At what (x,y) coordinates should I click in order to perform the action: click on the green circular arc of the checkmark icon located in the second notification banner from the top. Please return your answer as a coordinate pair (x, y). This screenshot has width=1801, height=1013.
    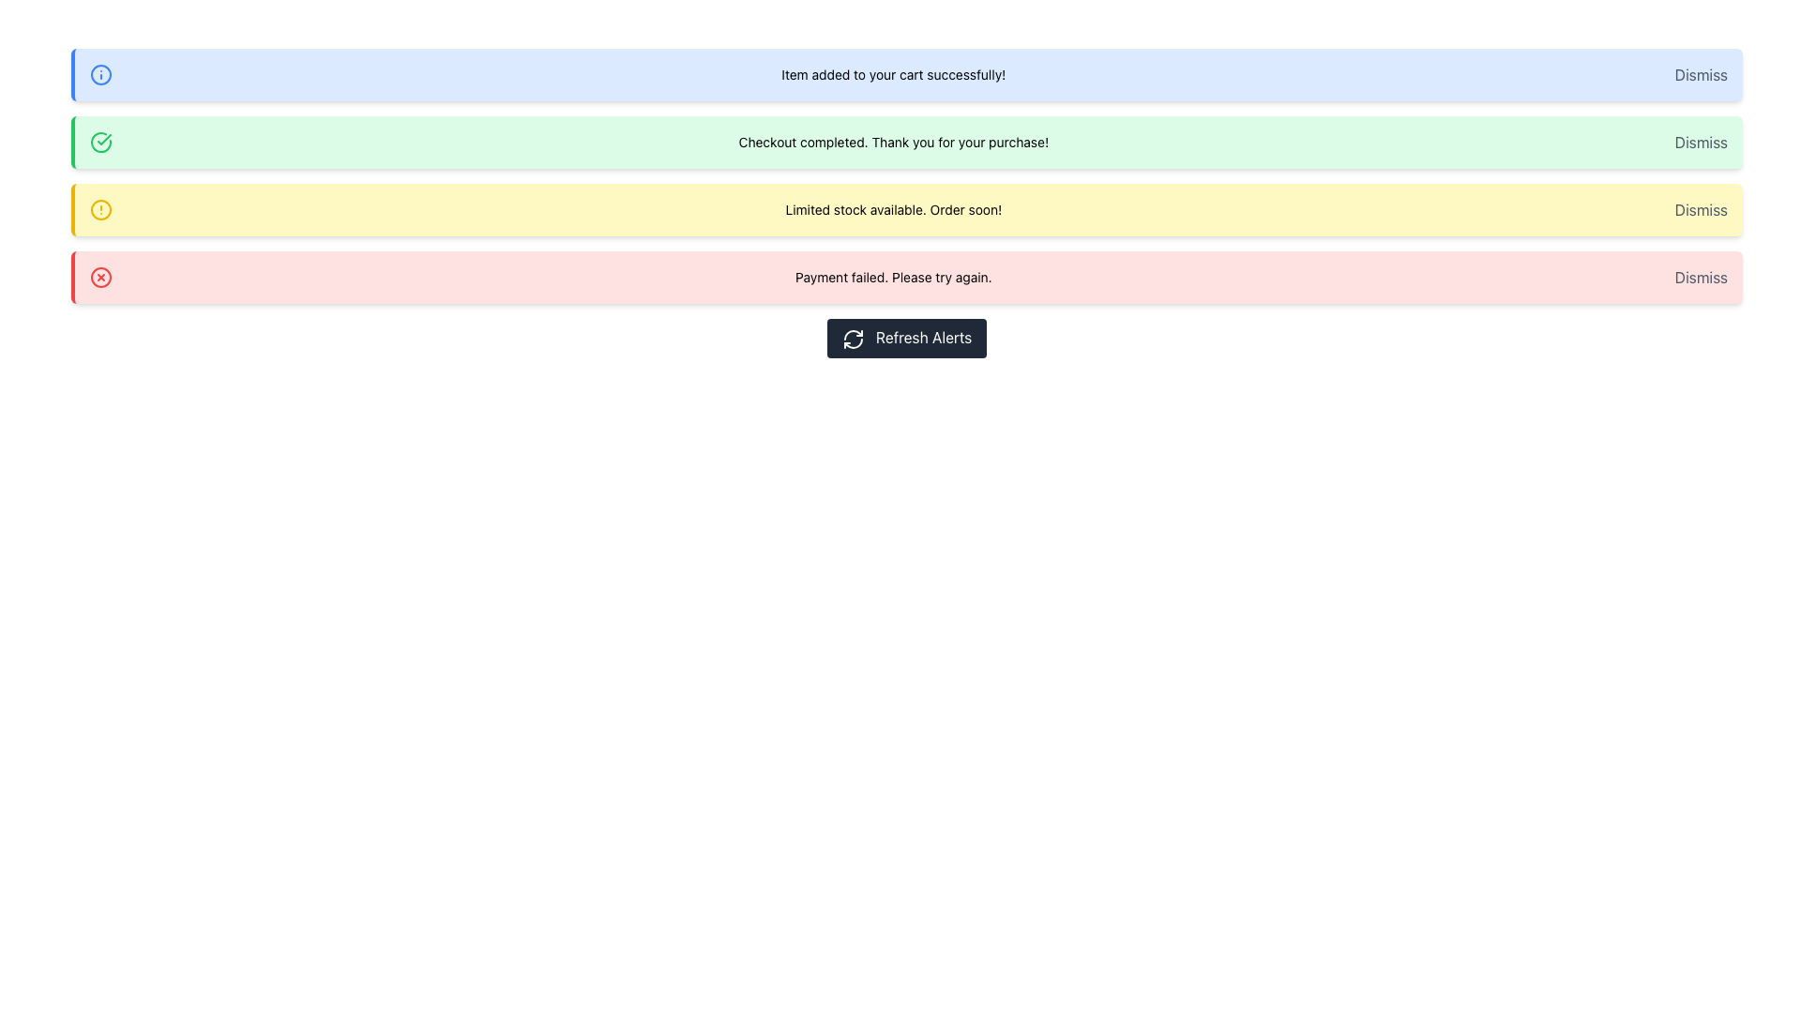
    Looking at the image, I should click on (100, 141).